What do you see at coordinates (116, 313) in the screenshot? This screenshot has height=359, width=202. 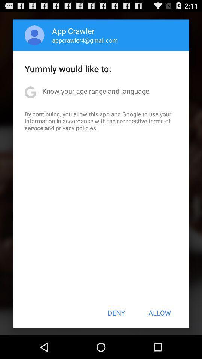 I see `the icon next to the allow` at bounding box center [116, 313].